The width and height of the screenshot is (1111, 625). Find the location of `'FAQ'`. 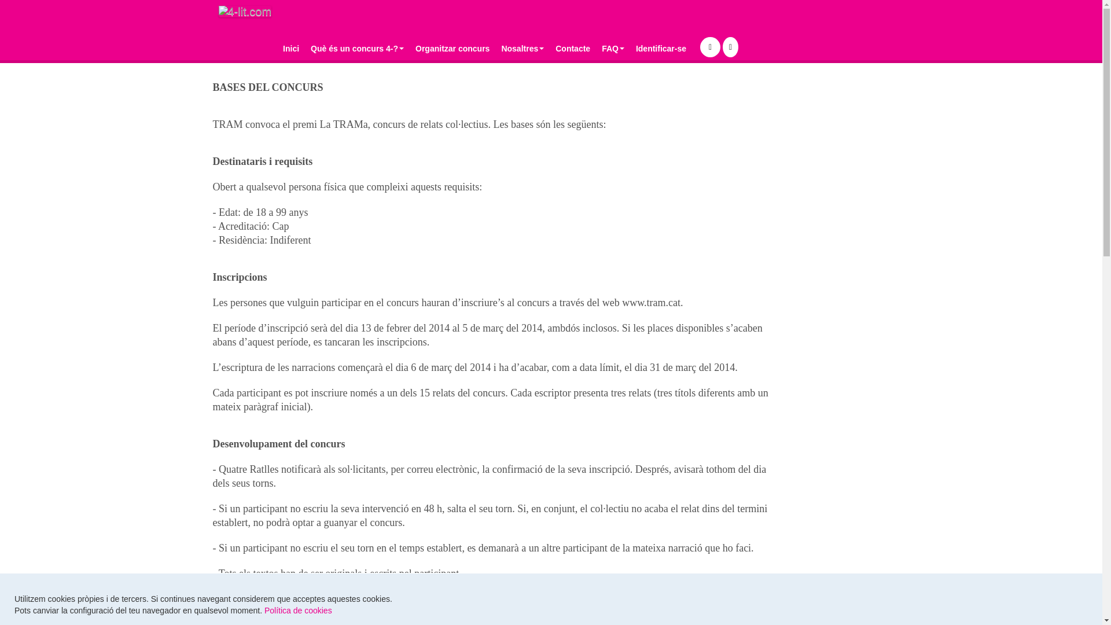

'FAQ' is located at coordinates (612, 48).